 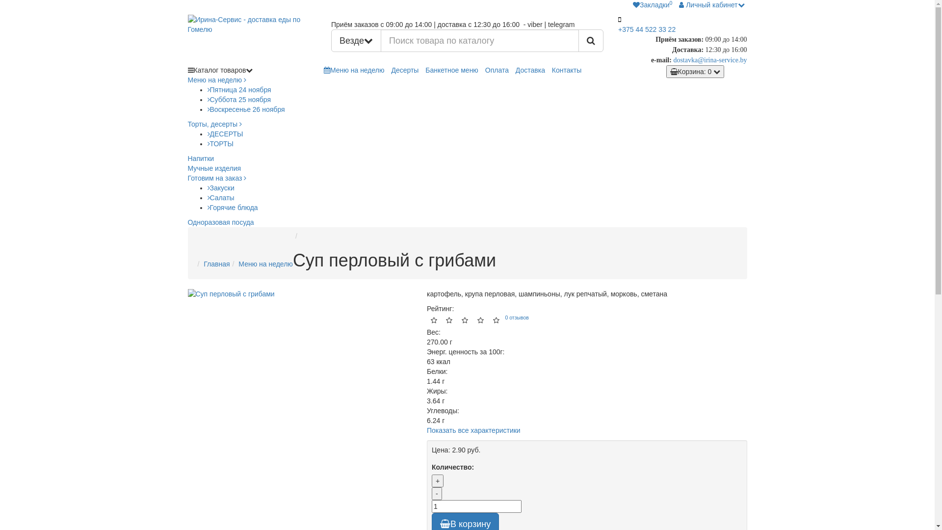 I want to click on '+', so click(x=437, y=480).